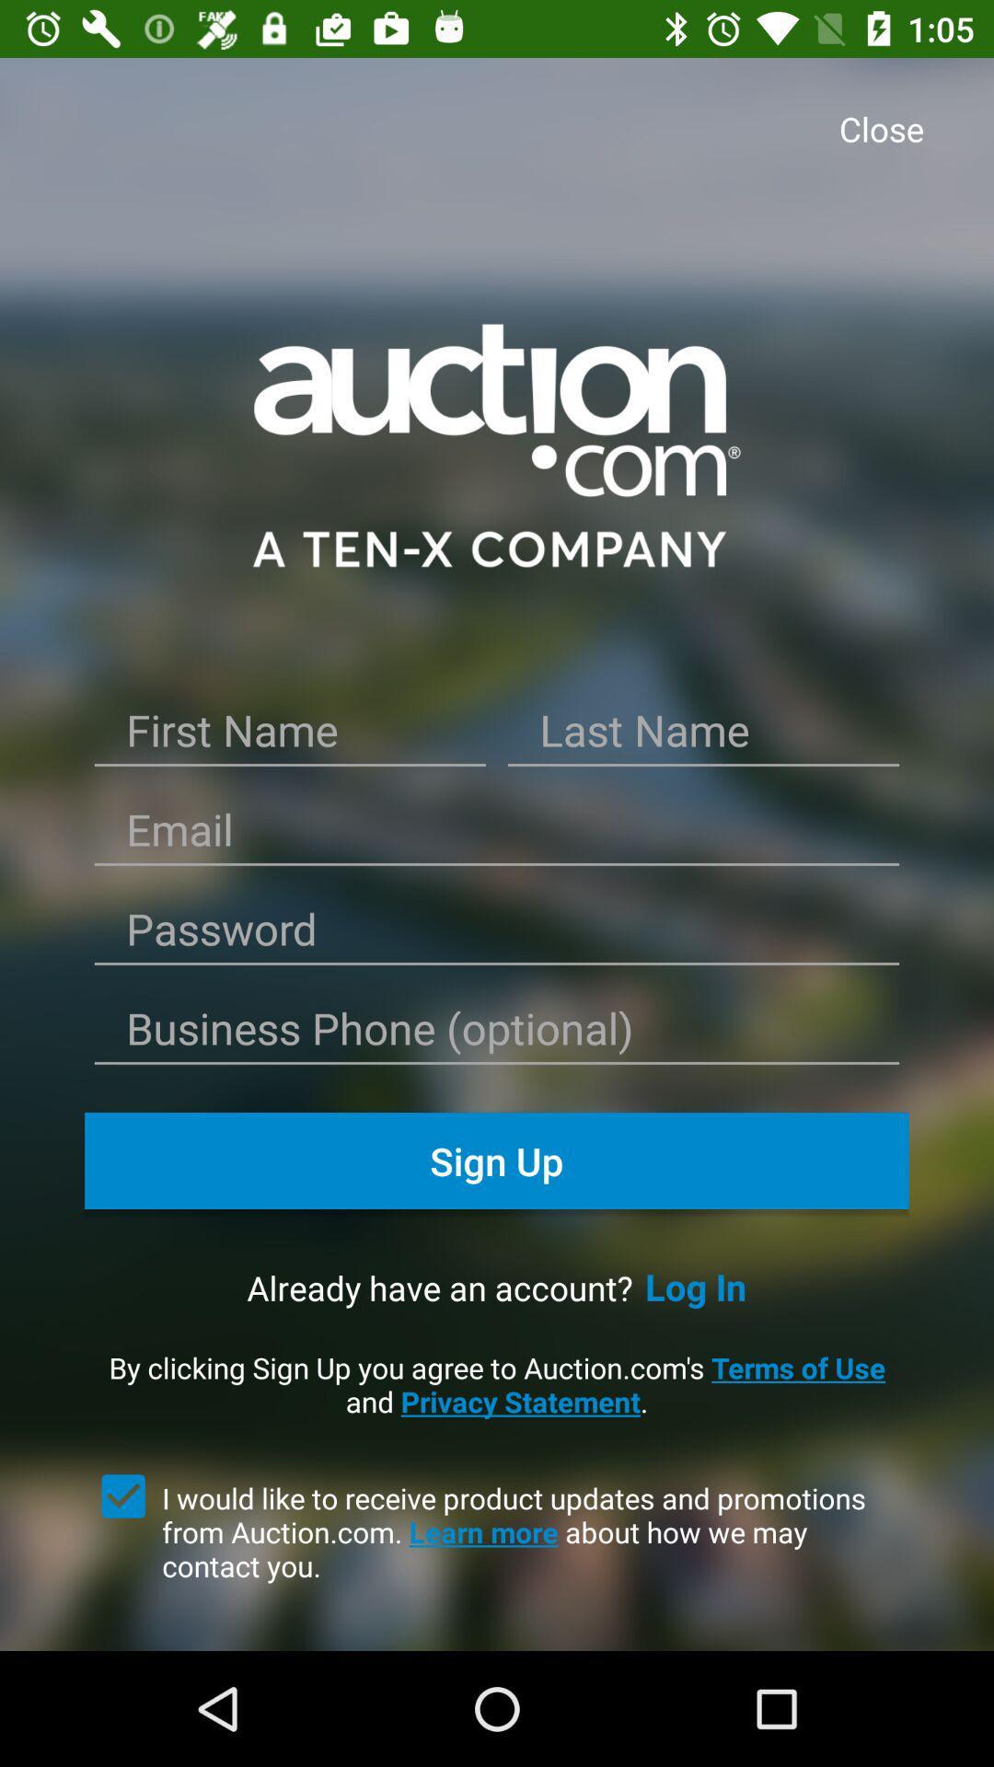 Image resolution: width=994 pixels, height=1767 pixels. I want to click on email input, so click(497, 835).